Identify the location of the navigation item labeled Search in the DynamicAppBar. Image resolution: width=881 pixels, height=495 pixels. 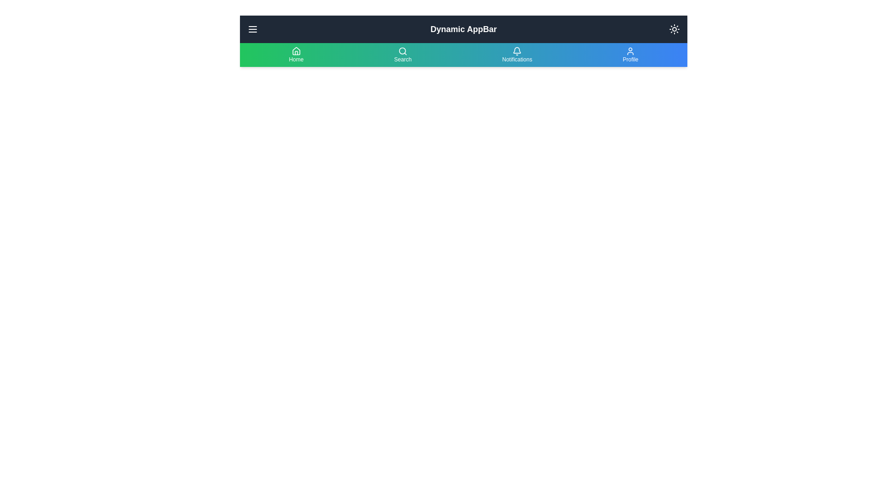
(403, 55).